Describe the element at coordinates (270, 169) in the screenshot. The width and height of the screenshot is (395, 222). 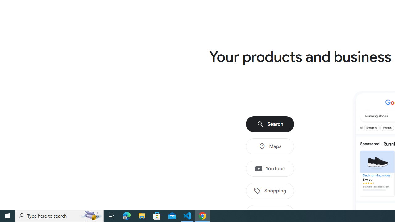
I see `'YouTube'` at that location.